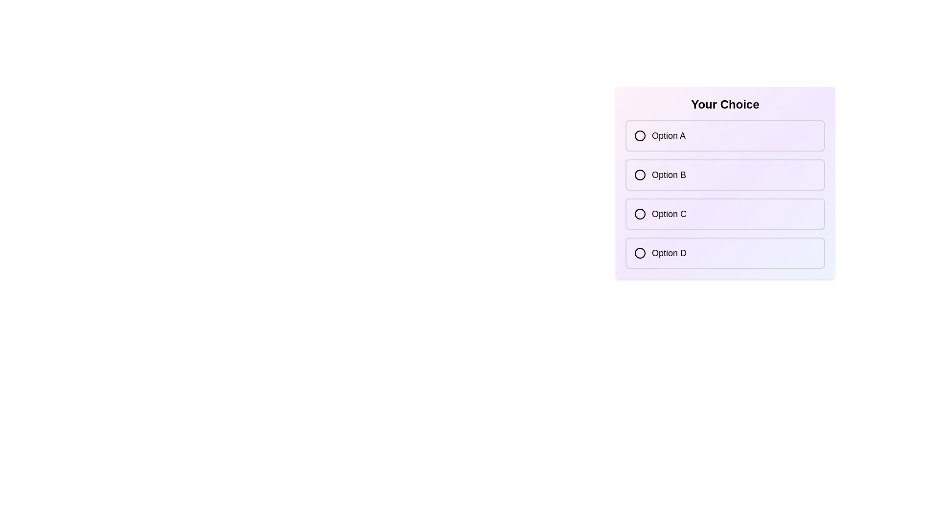 This screenshot has width=939, height=528. I want to click on the option Option D to observe the hover effect, so click(725, 252).